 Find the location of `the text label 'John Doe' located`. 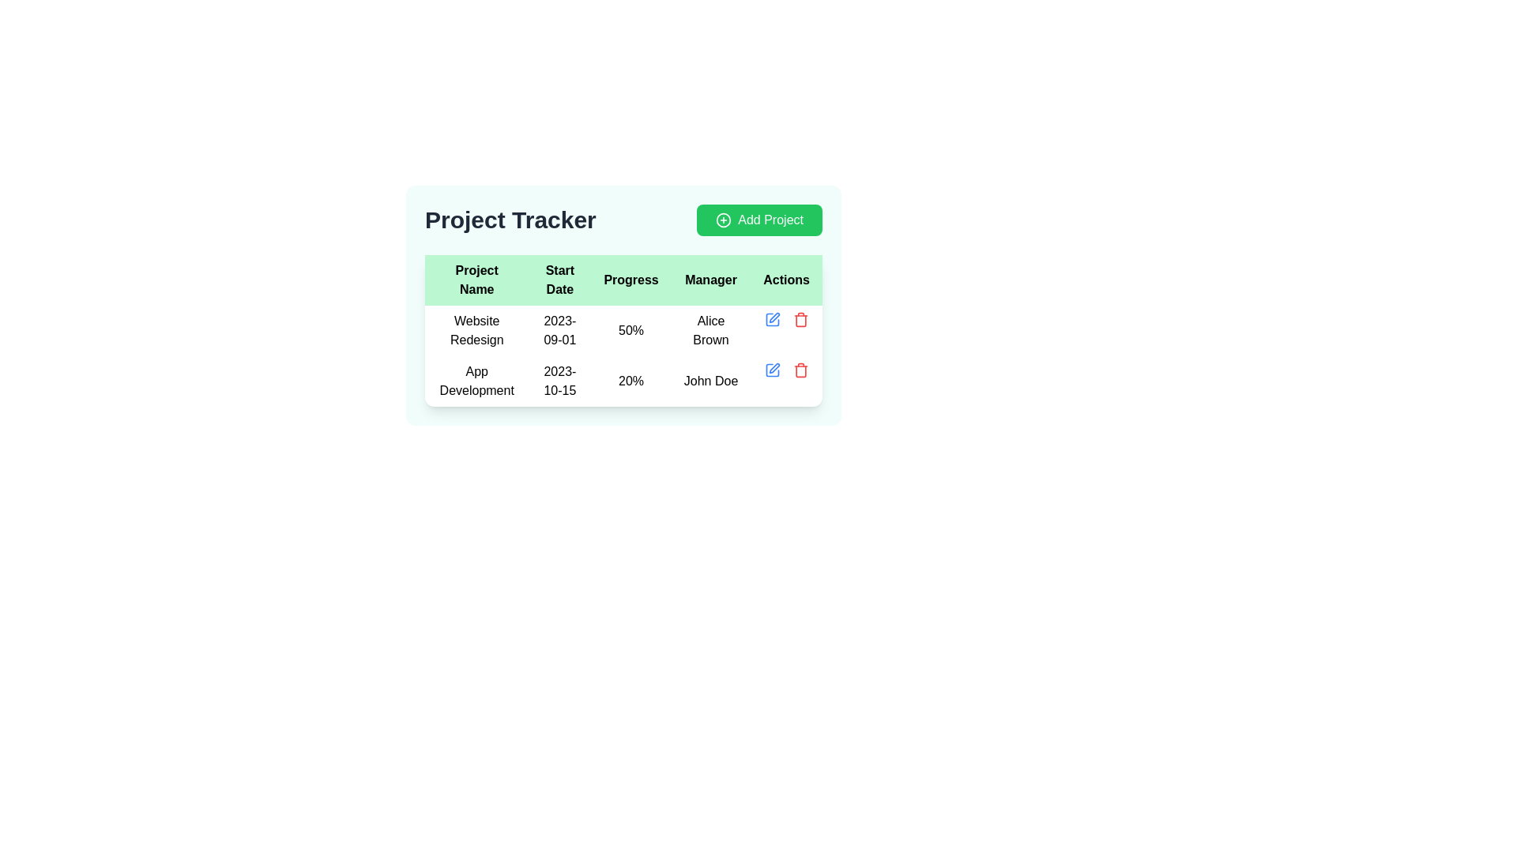

the text label 'John Doe' located is located at coordinates (710, 381).